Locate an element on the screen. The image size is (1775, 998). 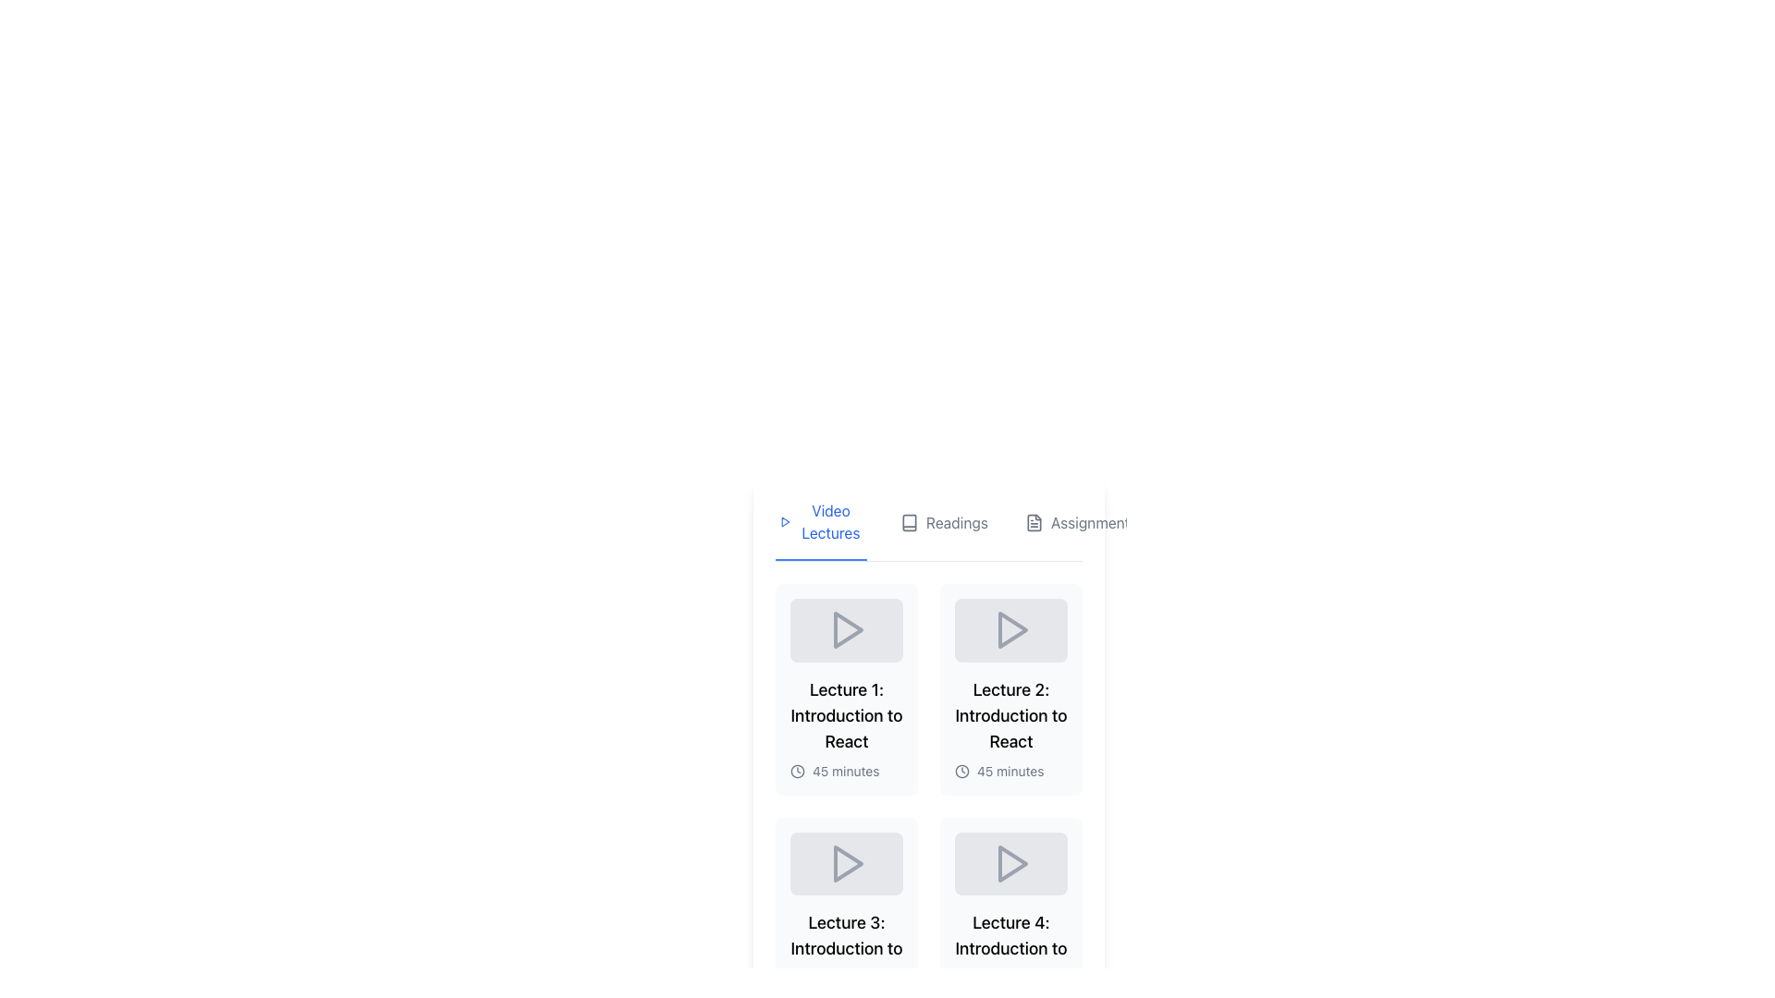
the small, circular clock icon located to the left of the text '45 minutes' is located at coordinates (961, 770).